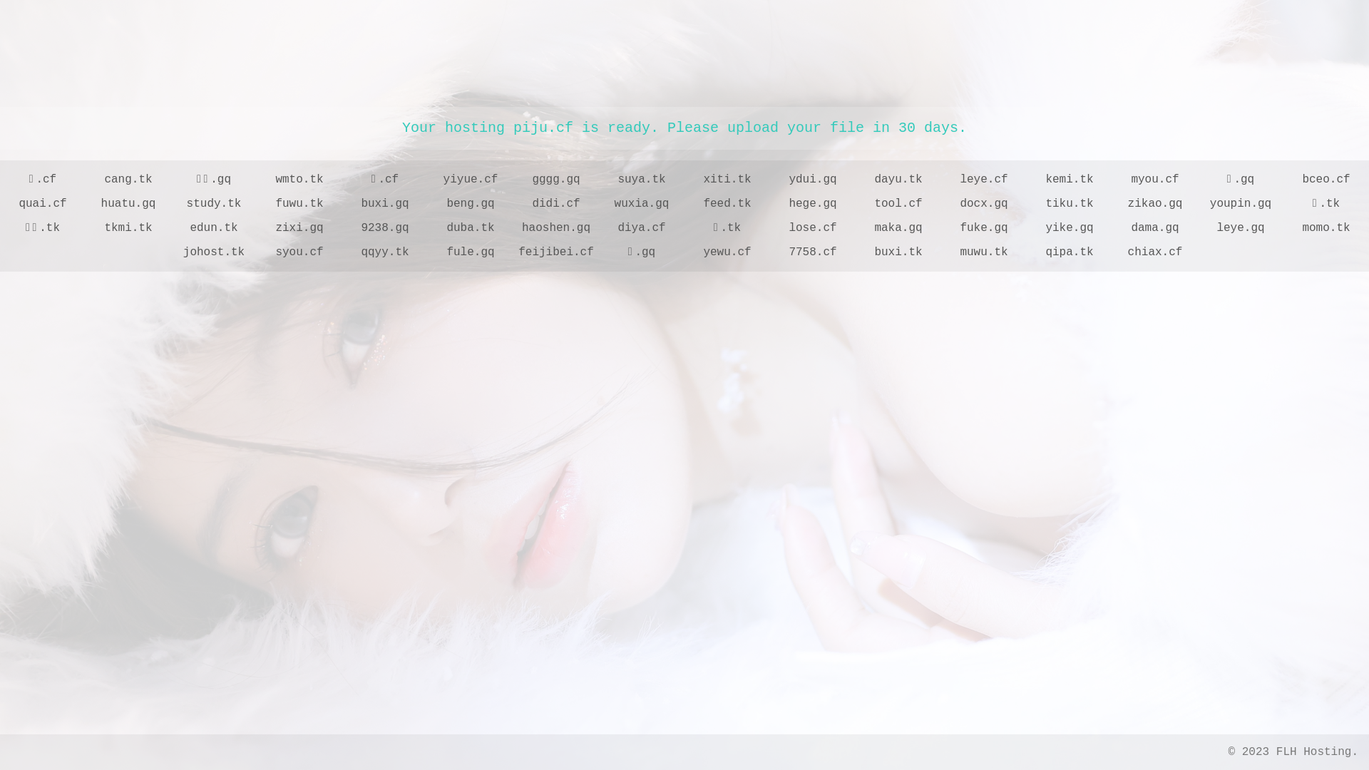 This screenshot has height=770, width=1369. I want to click on 'muwu.tk', so click(983, 252).